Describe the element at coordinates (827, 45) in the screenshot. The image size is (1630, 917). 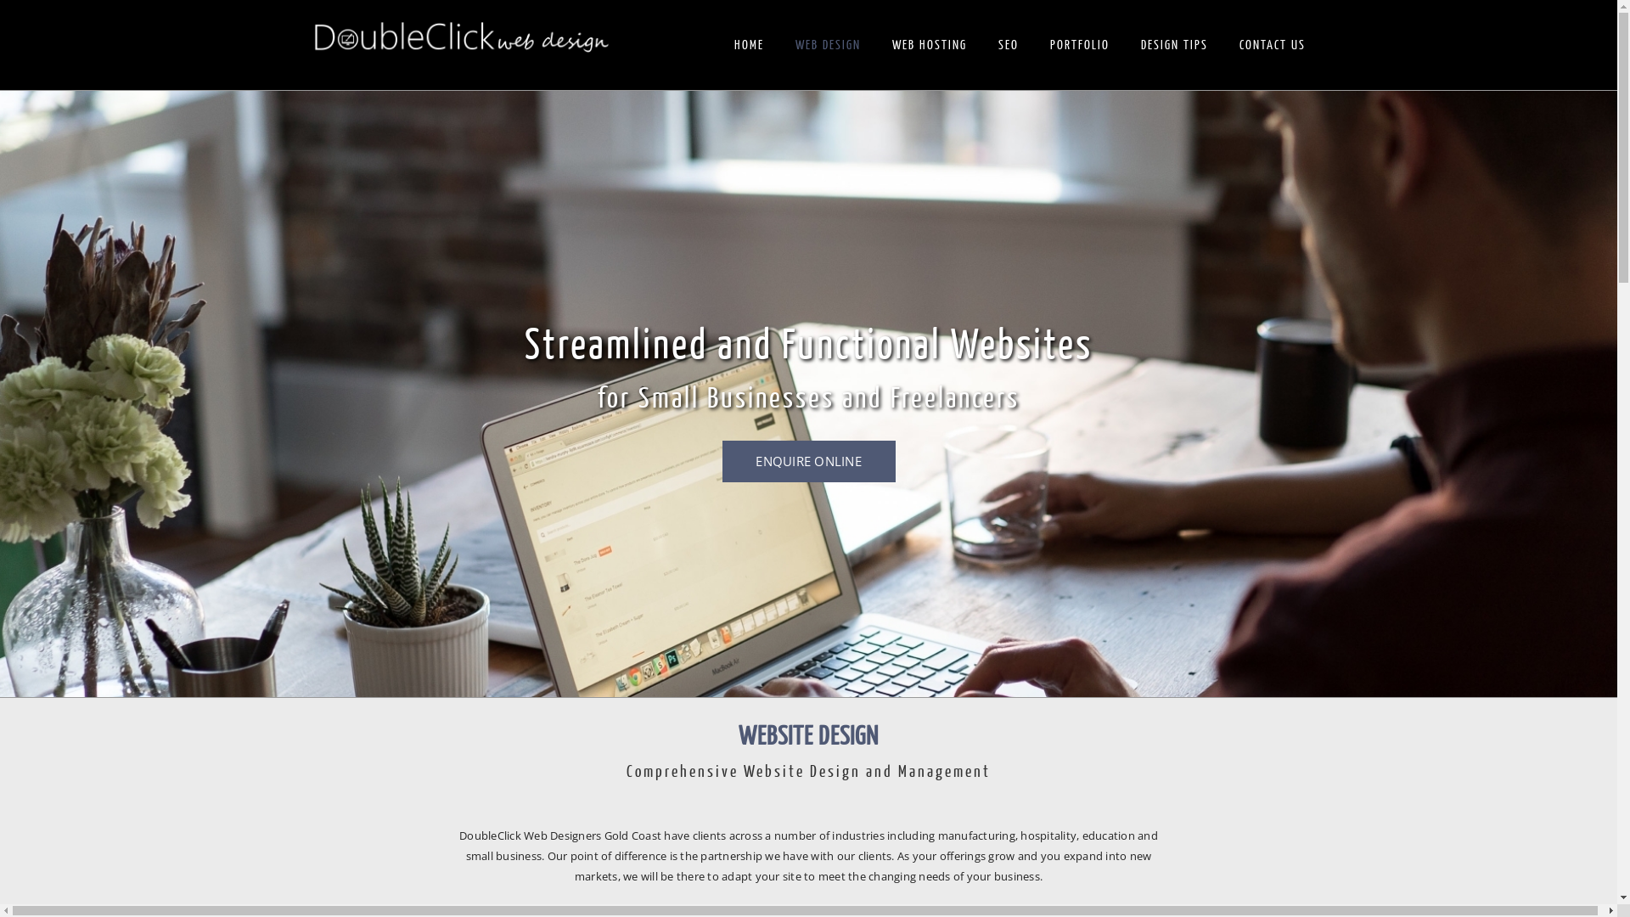
I see `'WEB DESIGN'` at that location.